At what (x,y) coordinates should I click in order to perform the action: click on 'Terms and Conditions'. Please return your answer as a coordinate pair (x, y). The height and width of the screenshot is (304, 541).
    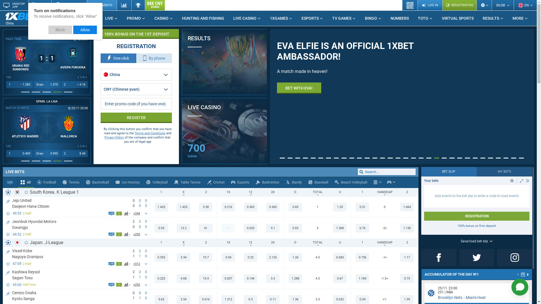
    Looking at the image, I should click on (134, 133).